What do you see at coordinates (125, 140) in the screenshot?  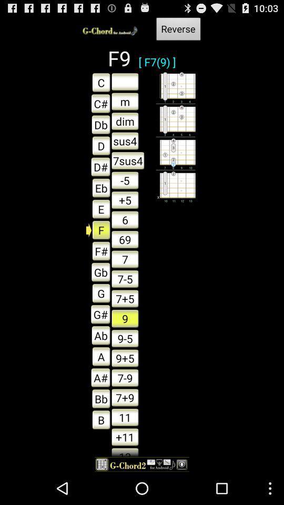 I see `the button having the text sus4` at bounding box center [125, 140].